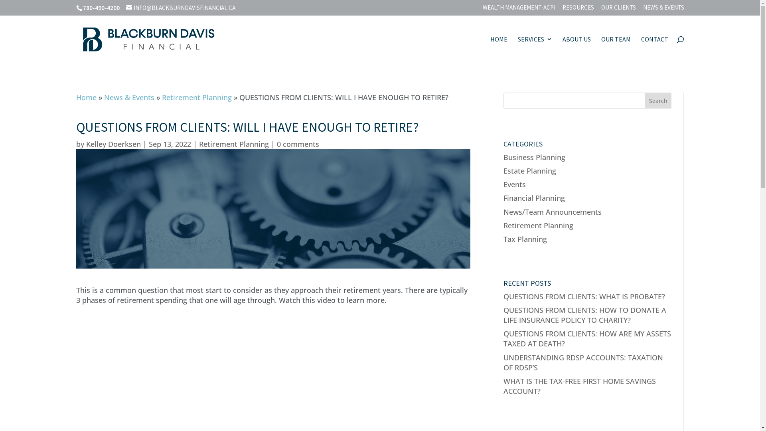 This screenshot has width=766, height=431. Describe the element at coordinates (580, 386) in the screenshot. I see `'WHAT IS THE TAX-FREE FIRST HOME SAVINGS ACCOUNT?'` at that location.